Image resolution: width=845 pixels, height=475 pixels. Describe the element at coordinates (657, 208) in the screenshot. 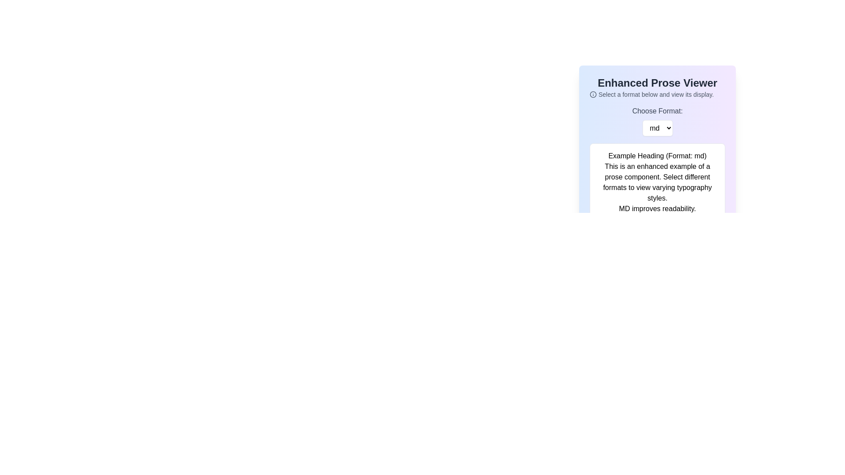

I see `text display that reads 'MD improves readability.' which is styled in black text on a white background, positioned below a block of descriptive text` at that location.